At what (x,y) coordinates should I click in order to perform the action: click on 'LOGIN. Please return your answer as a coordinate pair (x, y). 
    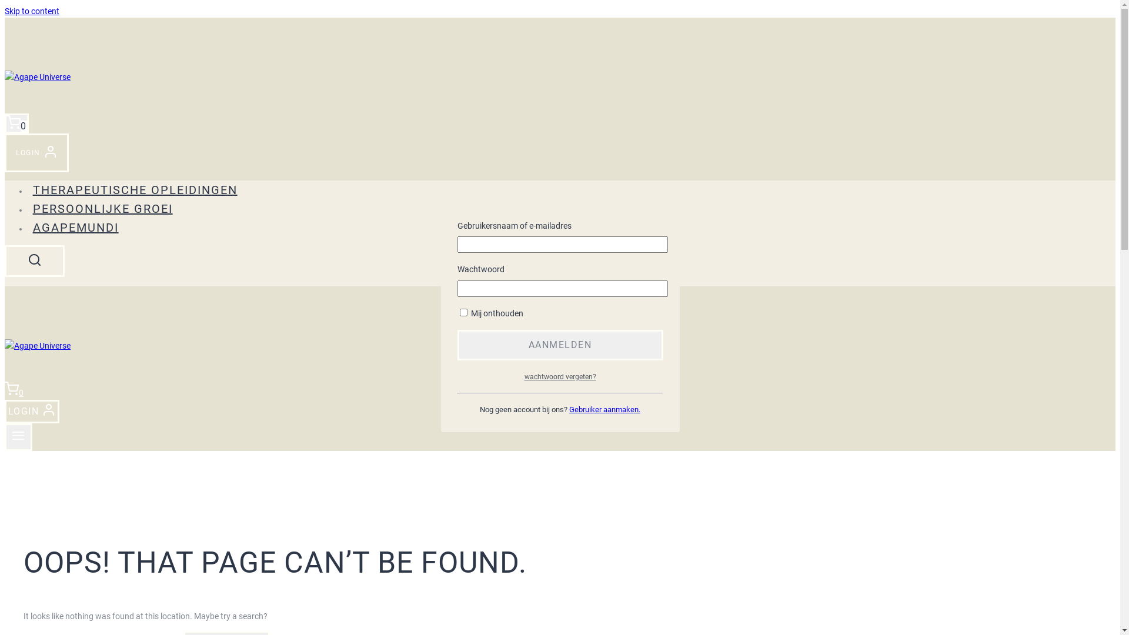
    Looking at the image, I should click on (32, 411).